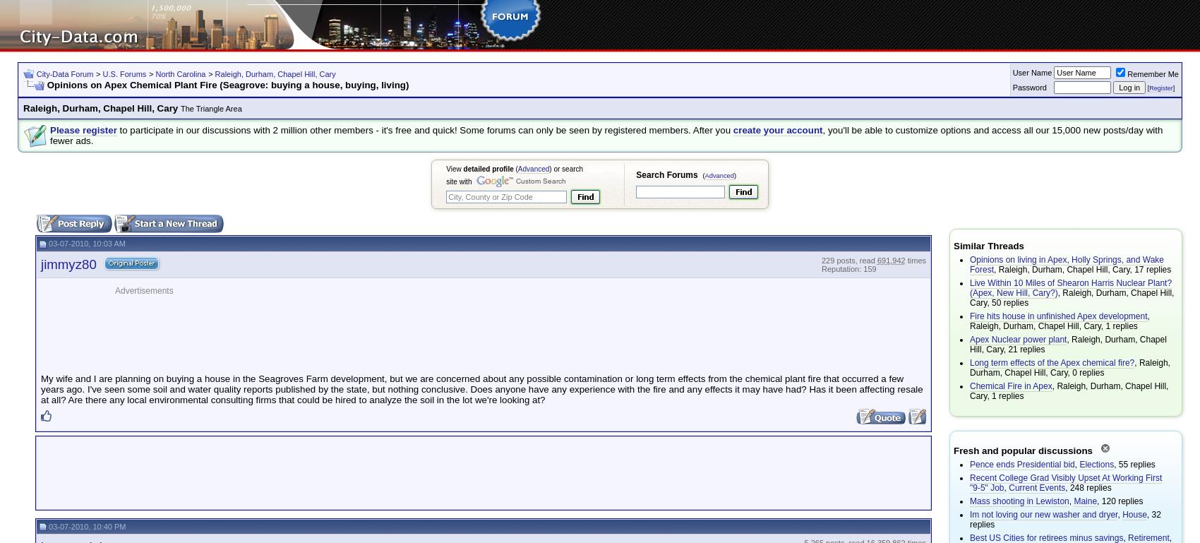  I want to click on 'Live Within 10 Miles of Shearon Harris Nuclear Plant?  (Apex, New Hill, Cary?)', so click(1071, 288).